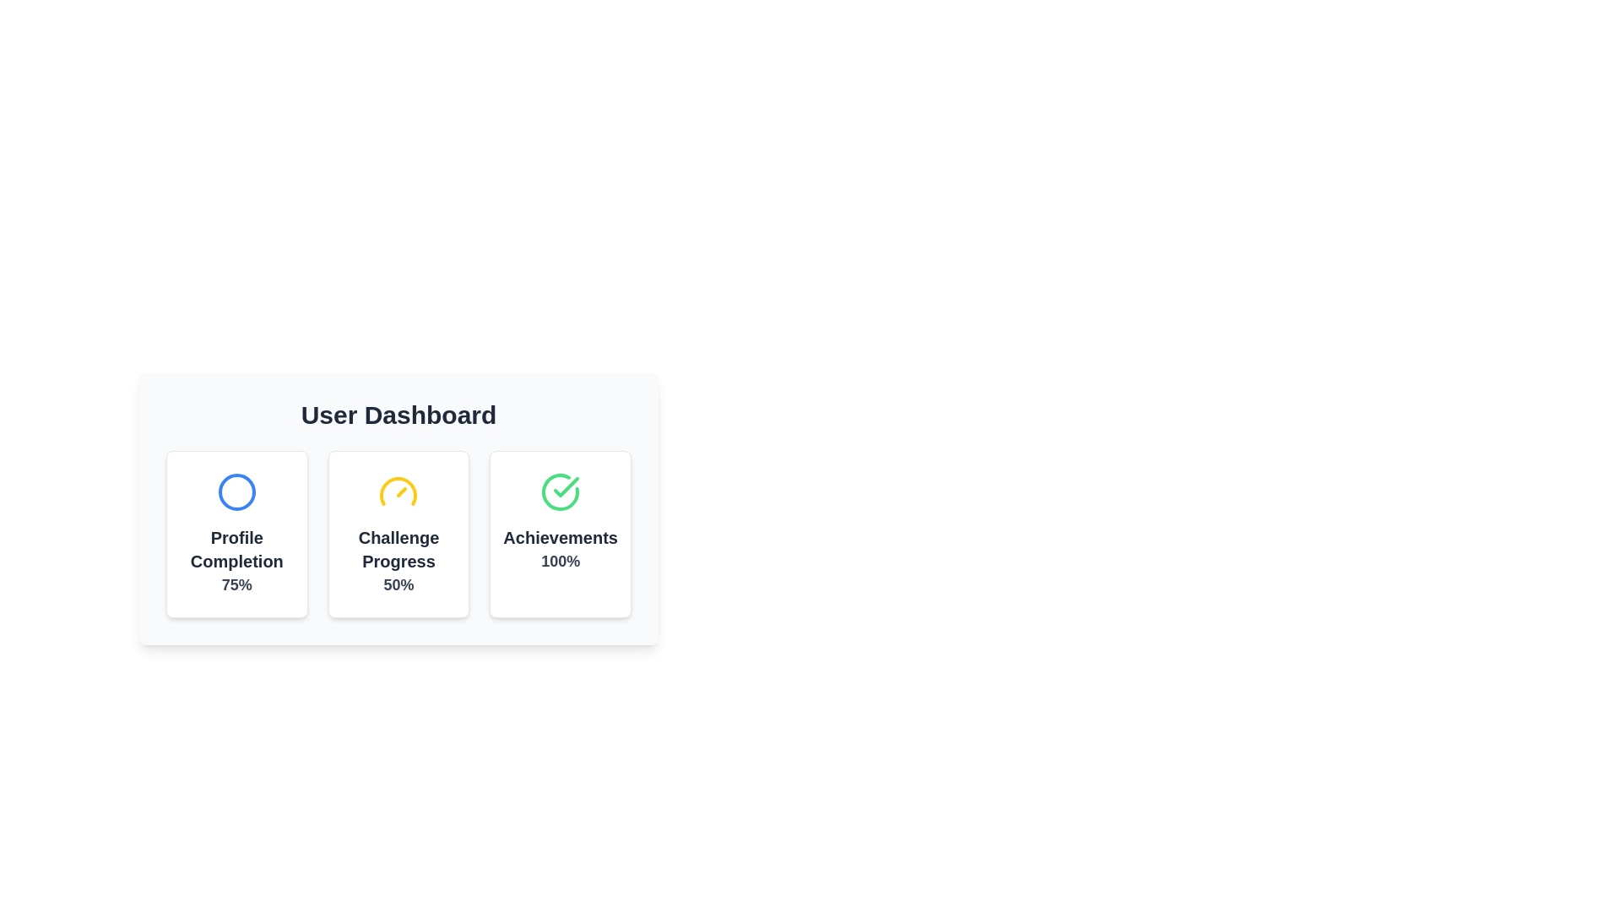  Describe the element at coordinates (567, 487) in the screenshot. I see `the green checkmark icon indicating a completed state in the 'Achievements' category located at the bottom center of its SVG grouping` at that location.